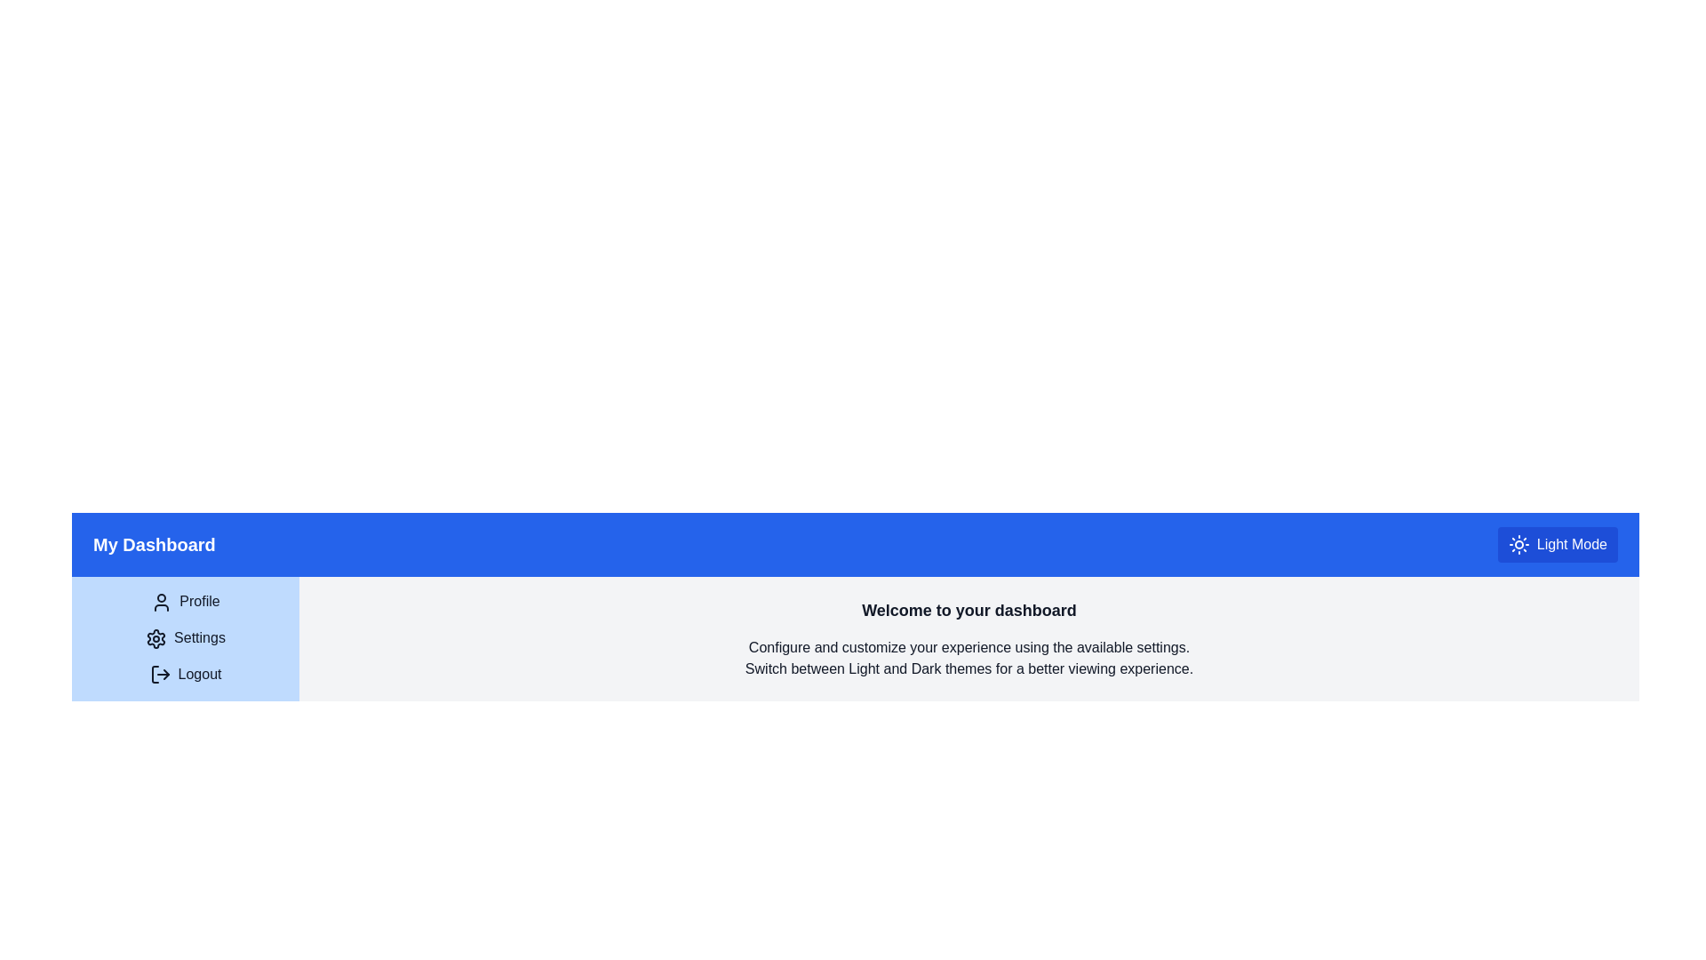 The width and height of the screenshot is (1706, 960). Describe the element at coordinates (156, 637) in the screenshot. I see `the gear icon located next to the 'Settings' label in the left-hand sidebar menu` at that location.